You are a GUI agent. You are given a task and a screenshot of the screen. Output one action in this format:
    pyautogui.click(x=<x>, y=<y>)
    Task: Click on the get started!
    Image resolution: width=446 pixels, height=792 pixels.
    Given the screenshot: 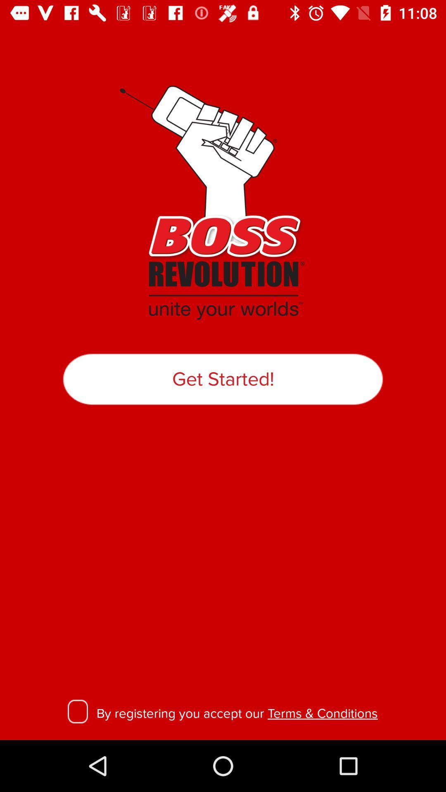 What is the action you would take?
    pyautogui.click(x=223, y=379)
    